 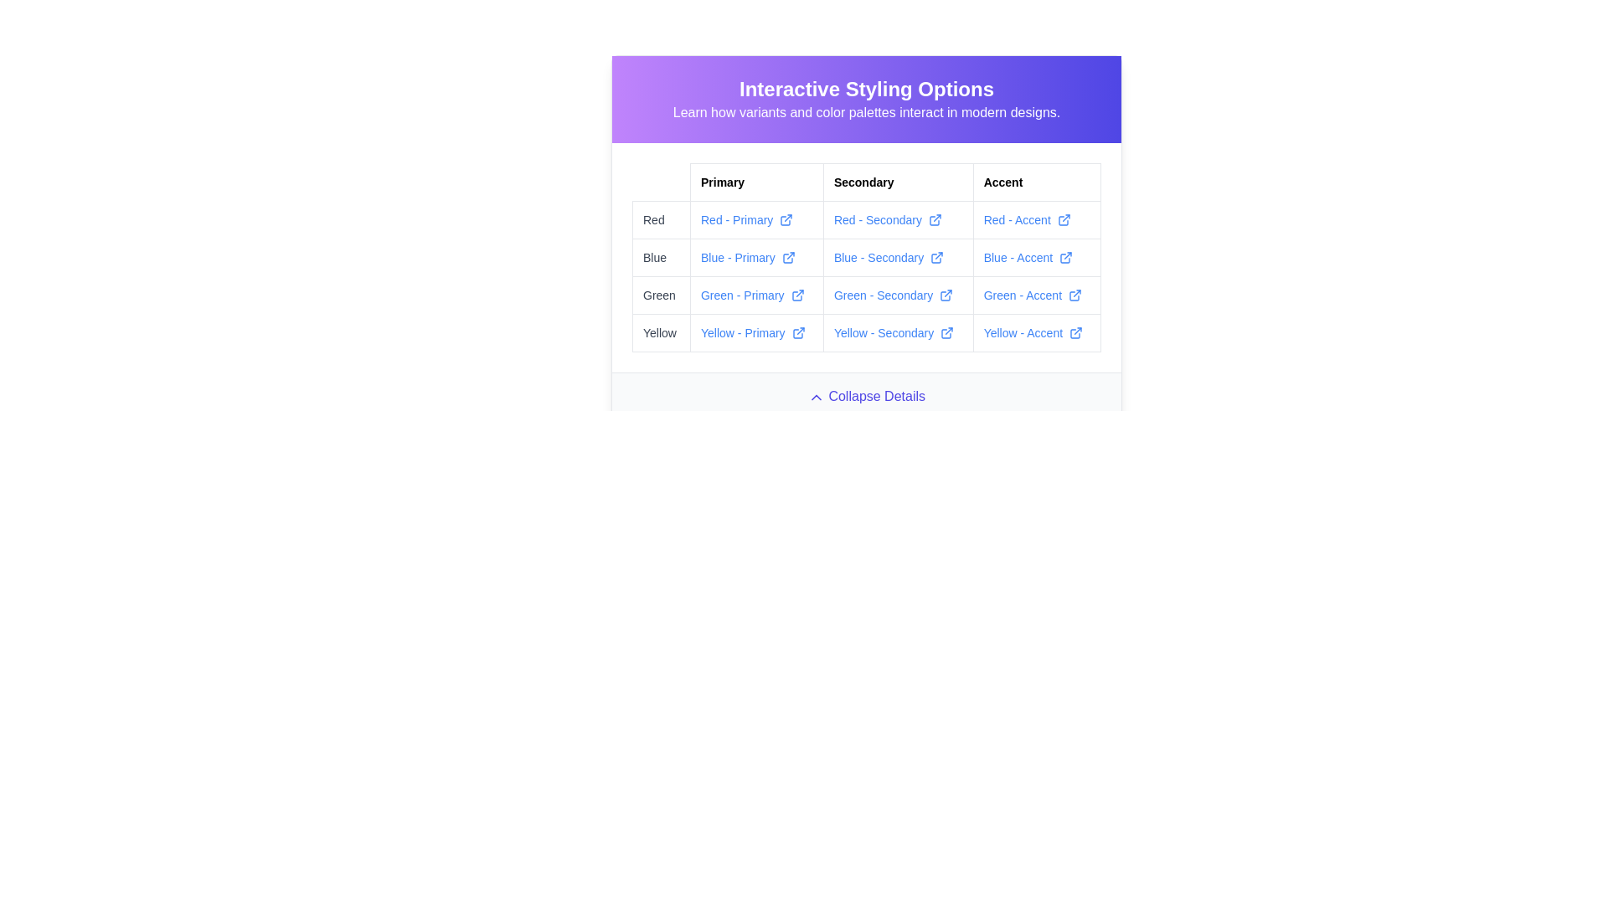 What do you see at coordinates (946, 295) in the screenshot?
I see `the external link icon styled with a stroke color matching 'Green - Secondary', located adjacent to the linked text 'Green - Secondary'` at bounding box center [946, 295].